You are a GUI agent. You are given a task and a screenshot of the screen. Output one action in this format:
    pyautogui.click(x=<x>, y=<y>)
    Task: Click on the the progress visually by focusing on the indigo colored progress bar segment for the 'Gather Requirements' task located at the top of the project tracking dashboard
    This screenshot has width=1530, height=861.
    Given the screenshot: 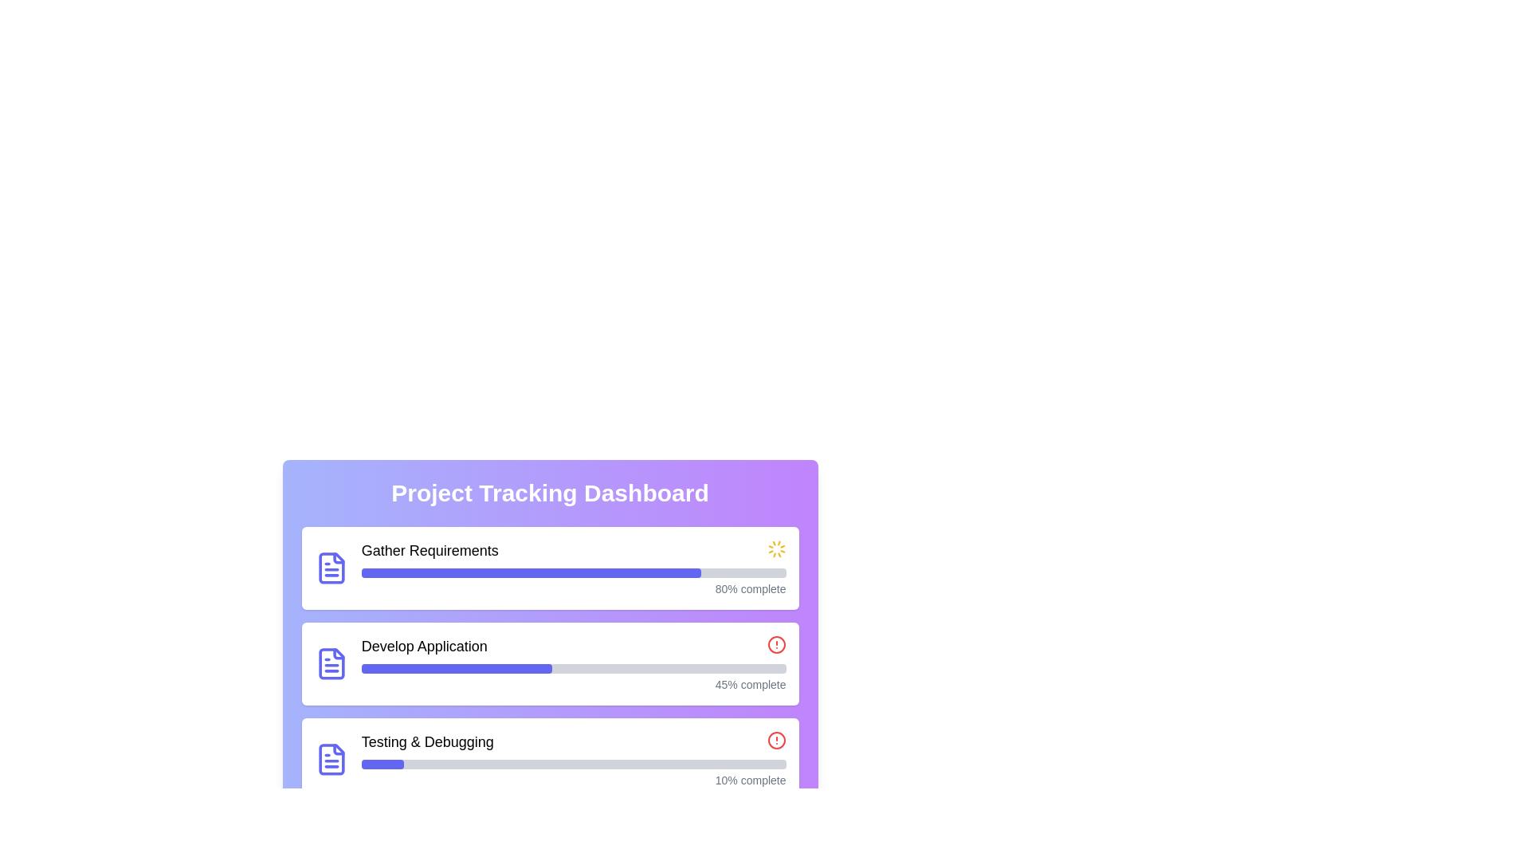 What is the action you would take?
    pyautogui.click(x=531, y=572)
    